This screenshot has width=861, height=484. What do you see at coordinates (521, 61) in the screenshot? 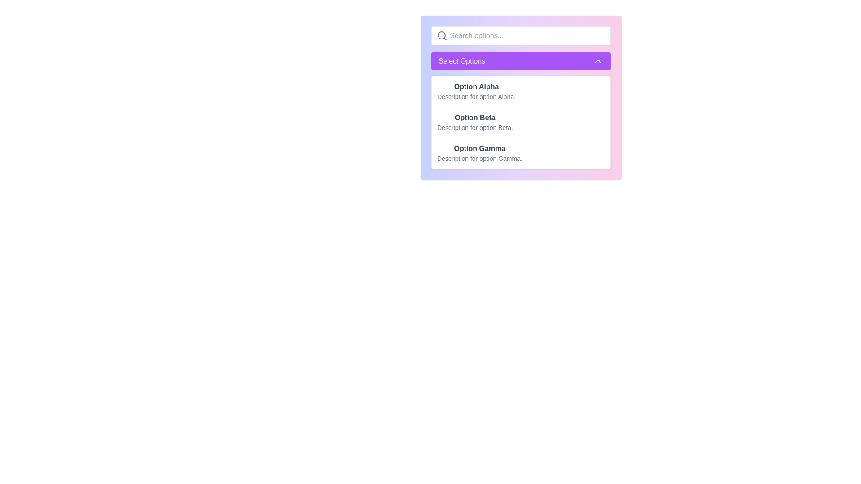
I see `the Dropdown Toggle Button located below the search field and above the list of selectable options` at bounding box center [521, 61].